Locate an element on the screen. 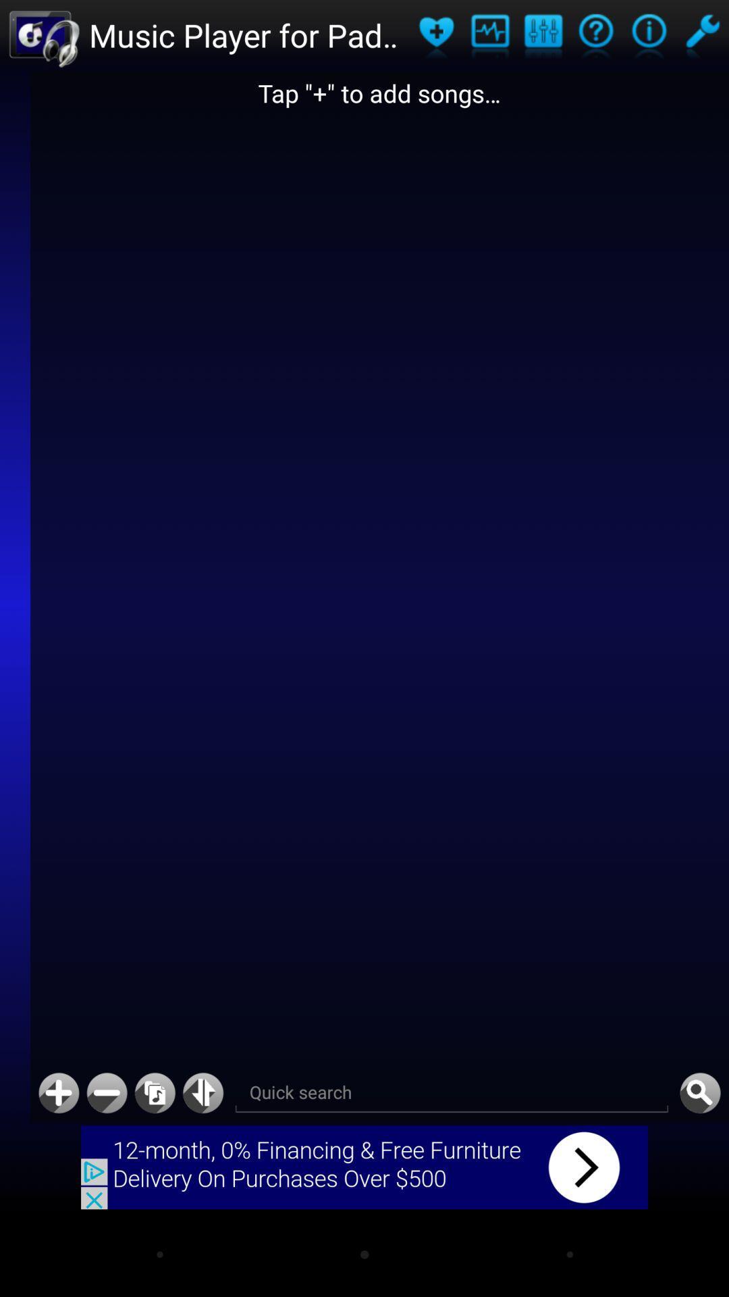  open bluetooth settings is located at coordinates (203, 1093).